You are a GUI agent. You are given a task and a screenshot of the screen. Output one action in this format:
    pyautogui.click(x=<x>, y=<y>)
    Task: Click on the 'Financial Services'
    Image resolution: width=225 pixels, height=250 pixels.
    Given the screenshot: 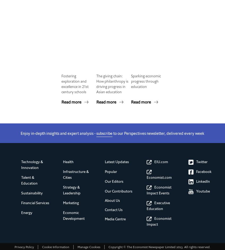 What is the action you would take?
    pyautogui.click(x=35, y=203)
    